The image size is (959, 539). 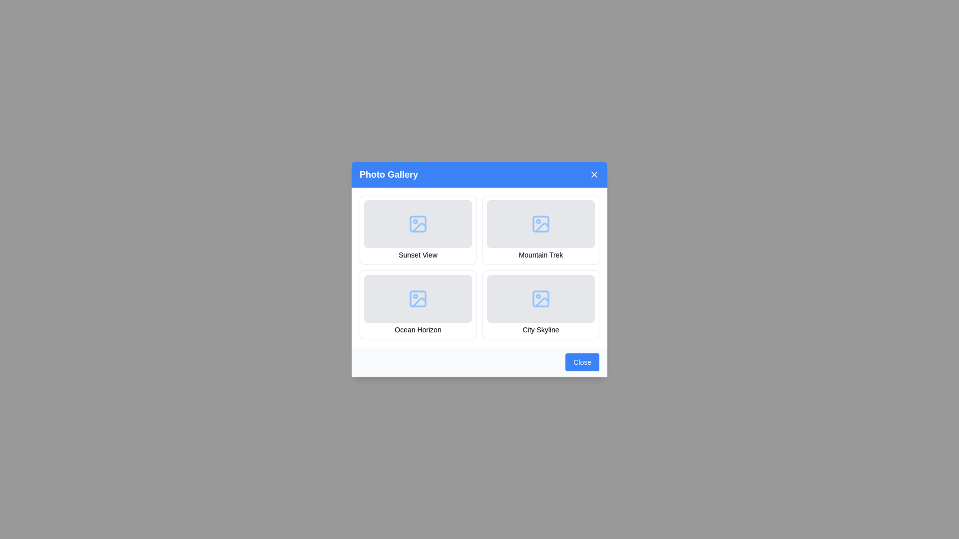 I want to click on the icon representing the 'Sunset View' image card, so click(x=418, y=223).